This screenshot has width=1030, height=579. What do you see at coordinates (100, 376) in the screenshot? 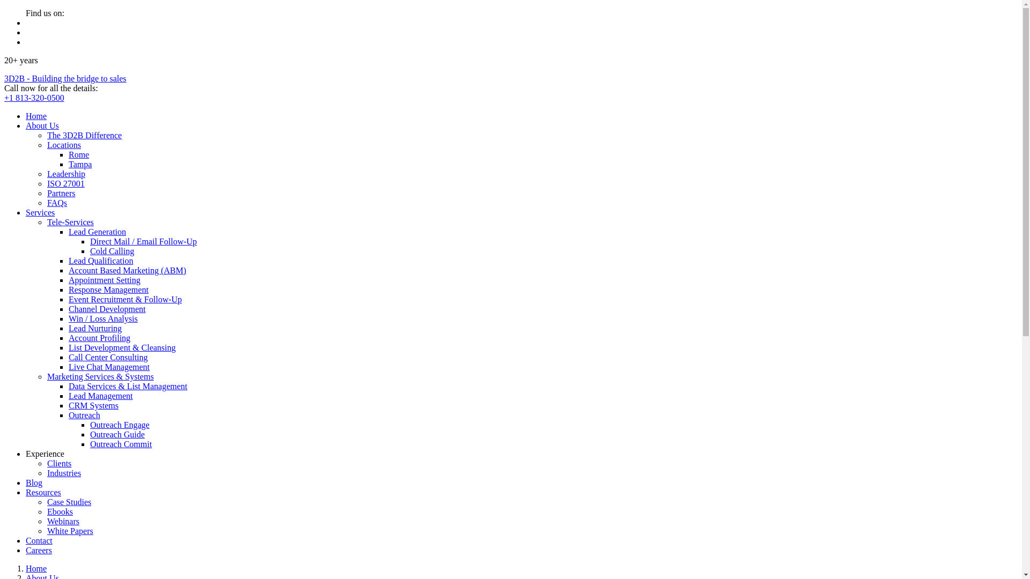
I see `'Marketing Services & Systems'` at bounding box center [100, 376].